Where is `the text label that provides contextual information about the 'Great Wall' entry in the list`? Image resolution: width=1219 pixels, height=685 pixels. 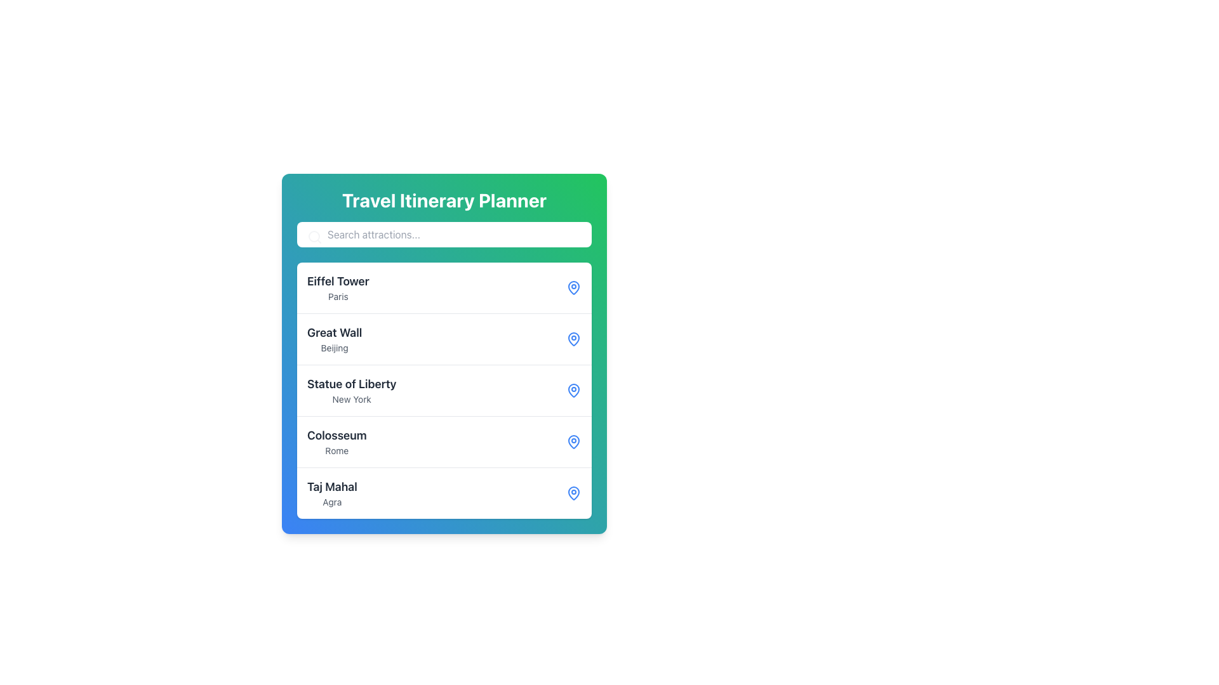 the text label that provides contextual information about the 'Great Wall' entry in the list is located at coordinates (335, 348).